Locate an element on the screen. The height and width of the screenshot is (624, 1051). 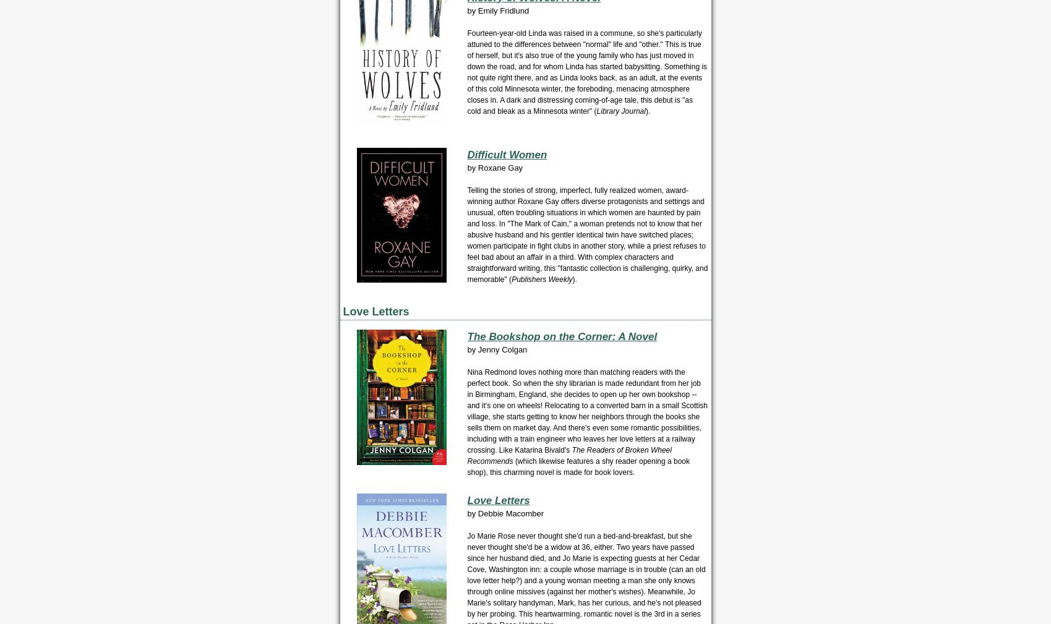
',' is located at coordinates (486, 472).